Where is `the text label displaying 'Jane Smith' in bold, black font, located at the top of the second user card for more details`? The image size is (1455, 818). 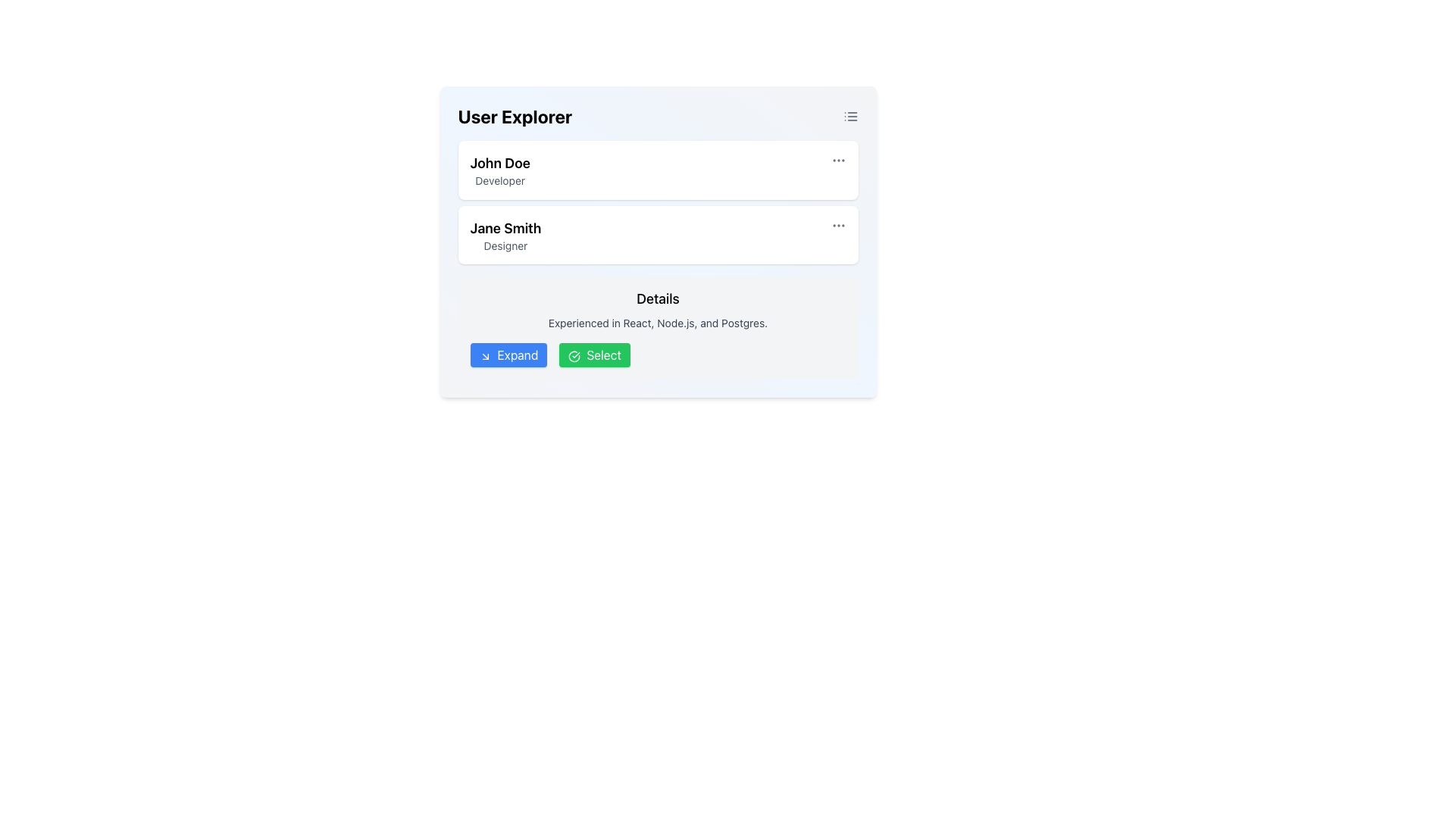
the text label displaying 'Jane Smith' in bold, black font, located at the top of the second user card for more details is located at coordinates (505, 228).